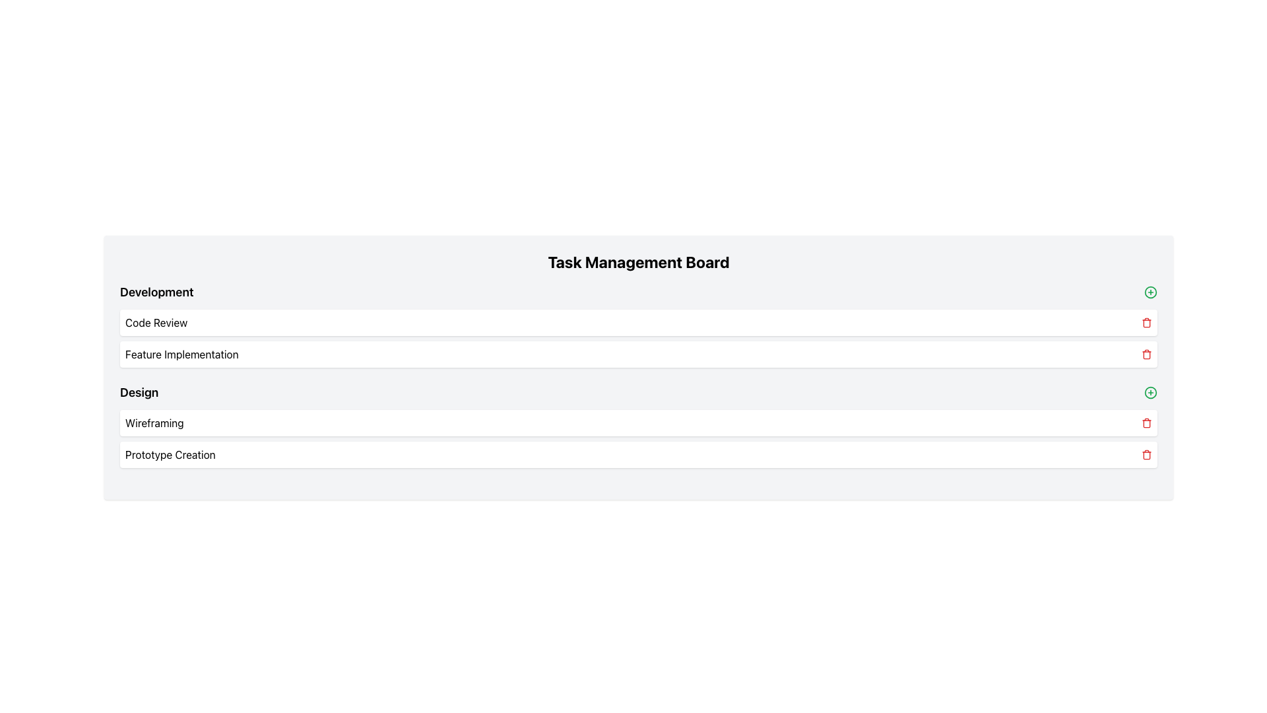 This screenshot has width=1267, height=713. Describe the element at coordinates (1150, 391) in the screenshot. I see `the circular component within the SVG icon that indicates actions for the 'Prototype Creation' task in the 'Design' category` at that location.